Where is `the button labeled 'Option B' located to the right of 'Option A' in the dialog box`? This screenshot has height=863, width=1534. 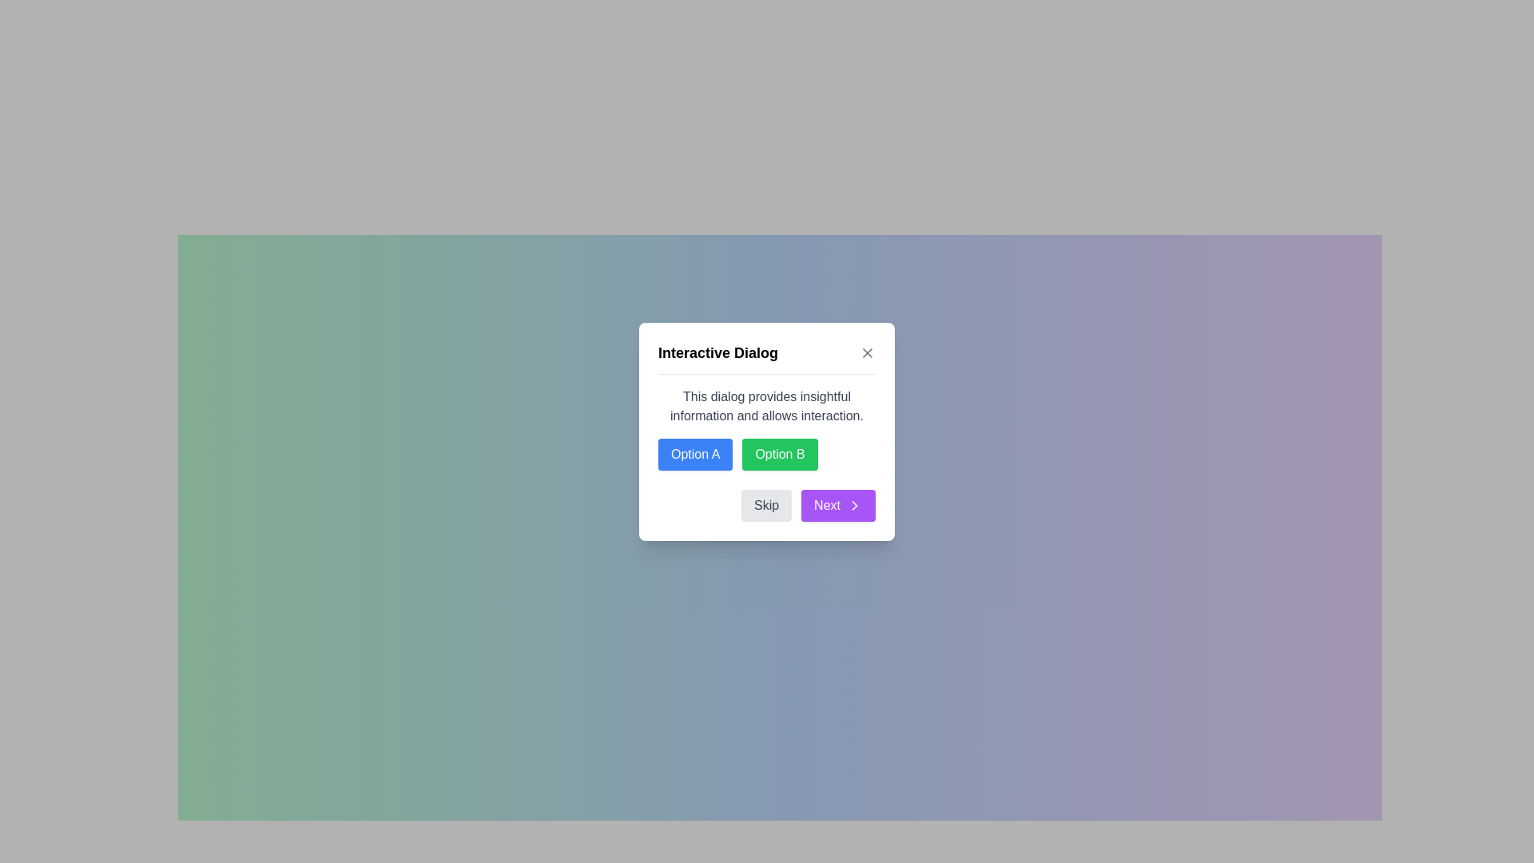 the button labeled 'Option B' located to the right of 'Option A' in the dialog box is located at coordinates (780, 454).